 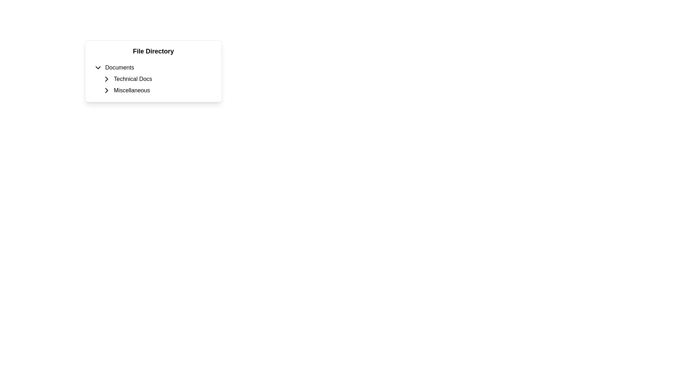 What do you see at coordinates (132, 90) in the screenshot?
I see `the 'Miscellaneous' Text Label in the File Directory navigation menu` at bounding box center [132, 90].